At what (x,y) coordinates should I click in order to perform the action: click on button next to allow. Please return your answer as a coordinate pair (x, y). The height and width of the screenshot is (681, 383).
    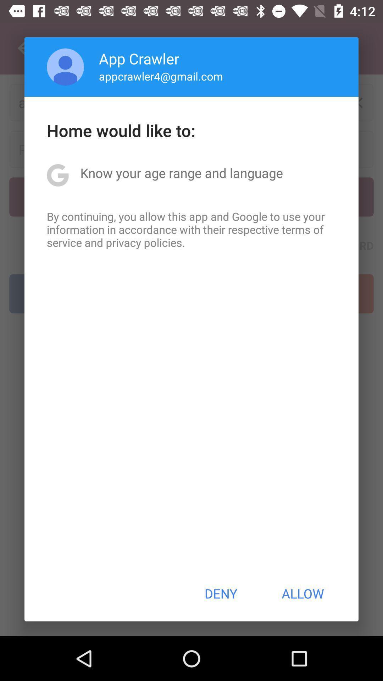
    Looking at the image, I should click on (220, 593).